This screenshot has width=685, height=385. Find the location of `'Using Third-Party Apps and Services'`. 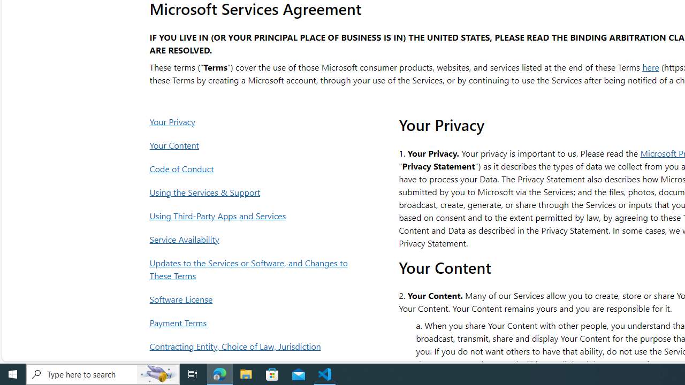

'Using Third-Party Apps and Services' is located at coordinates (251, 215).